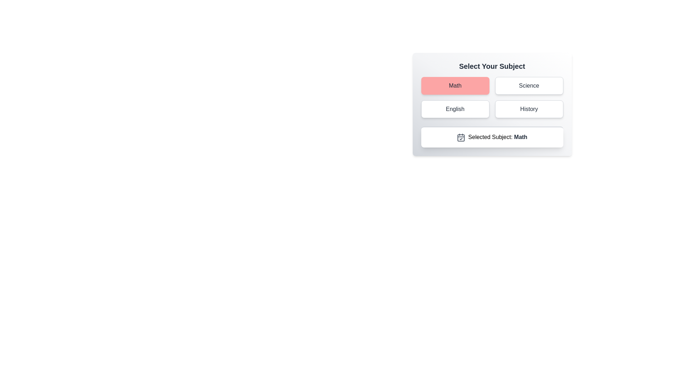 The width and height of the screenshot is (682, 383). What do you see at coordinates (461, 137) in the screenshot?
I see `the calendar icon with a checkmark located to the left of the text 'Selected Subject: Math'` at bounding box center [461, 137].